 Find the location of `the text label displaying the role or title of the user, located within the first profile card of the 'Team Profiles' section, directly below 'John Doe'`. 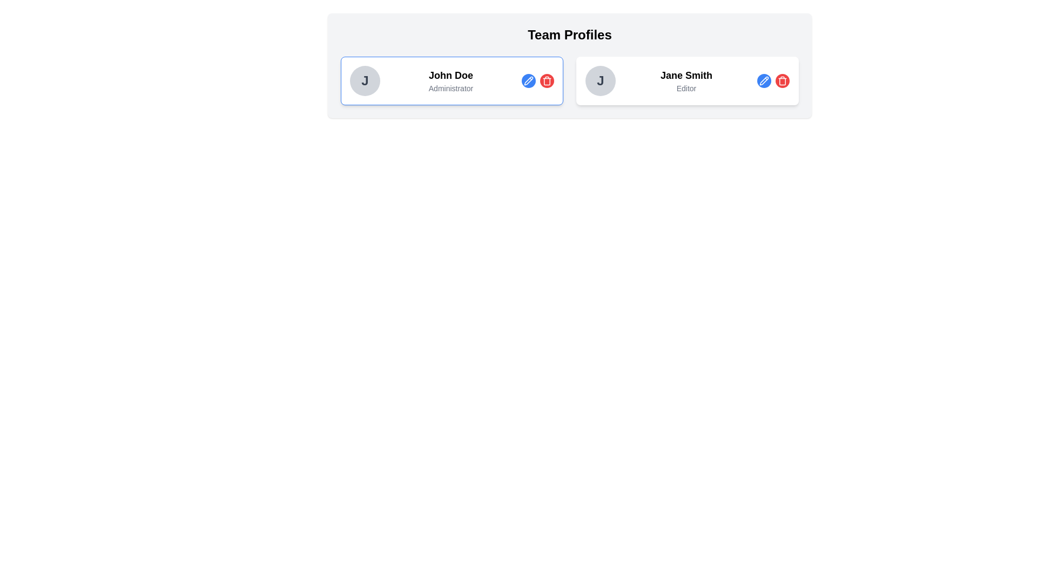

the text label displaying the role or title of the user, located within the first profile card of the 'Team Profiles' section, directly below 'John Doe' is located at coordinates (451, 88).